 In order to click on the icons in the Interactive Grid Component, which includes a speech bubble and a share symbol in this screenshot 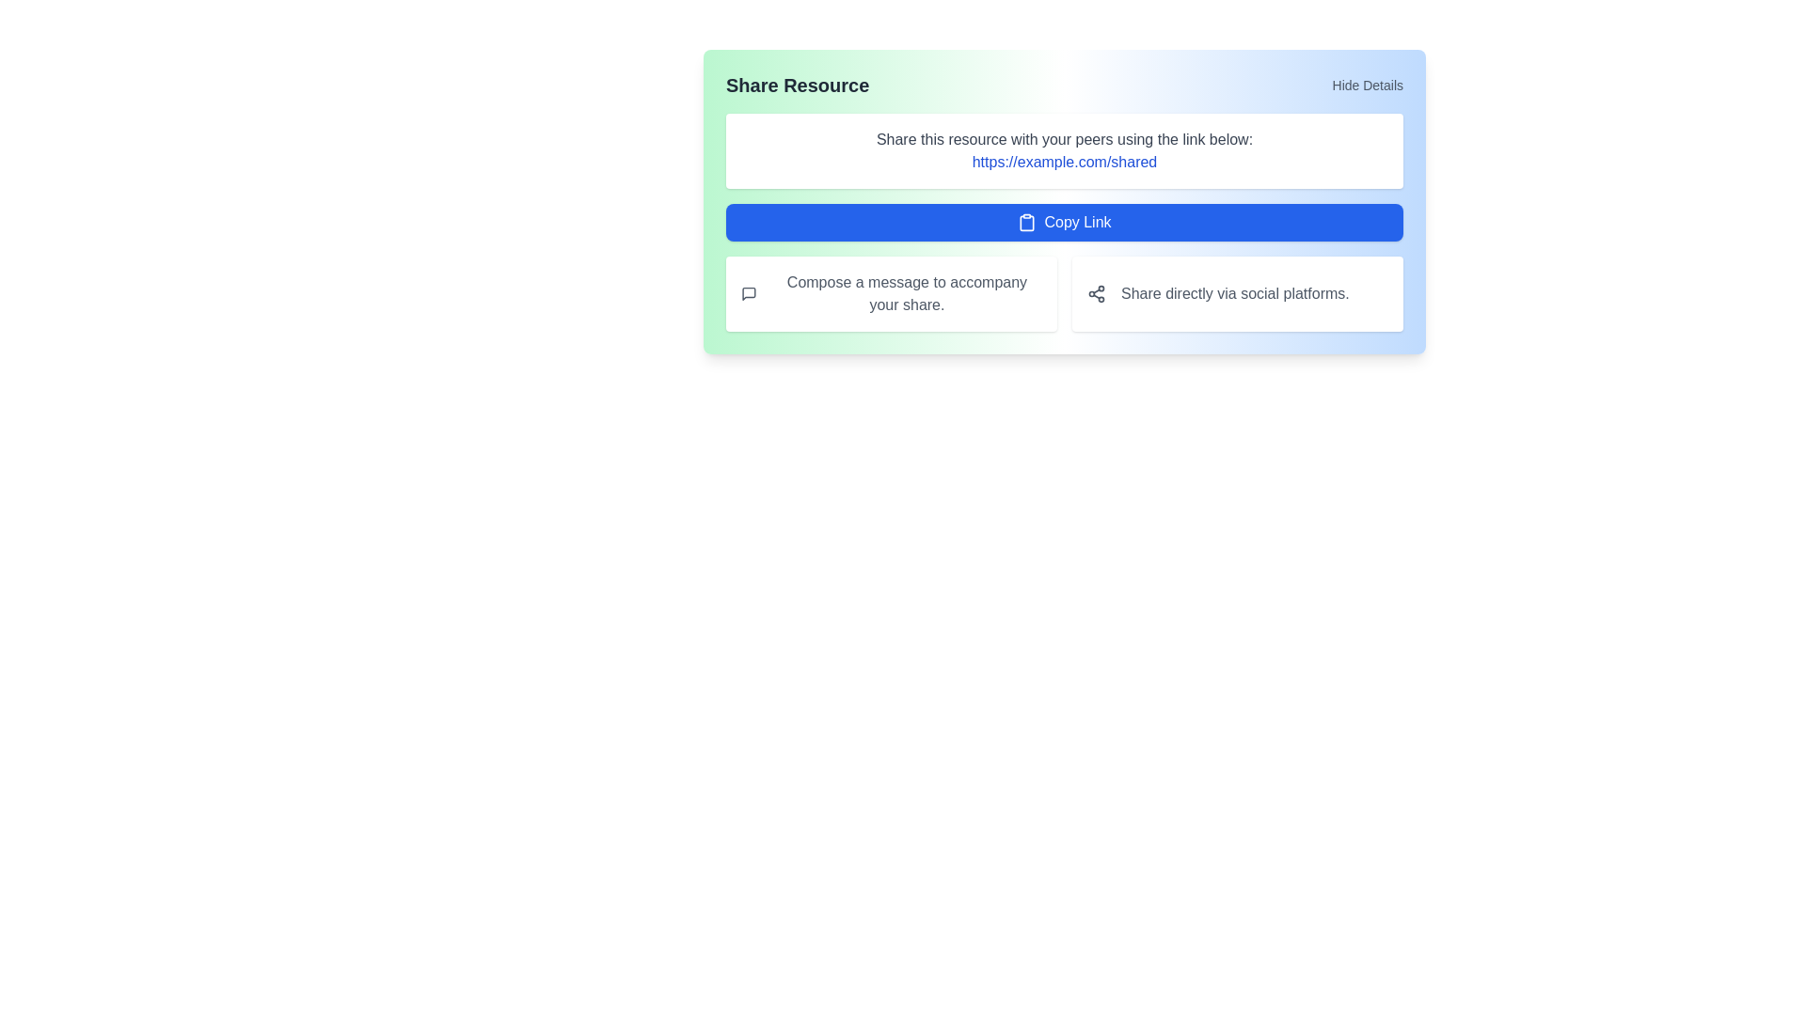, I will do `click(1065, 293)`.